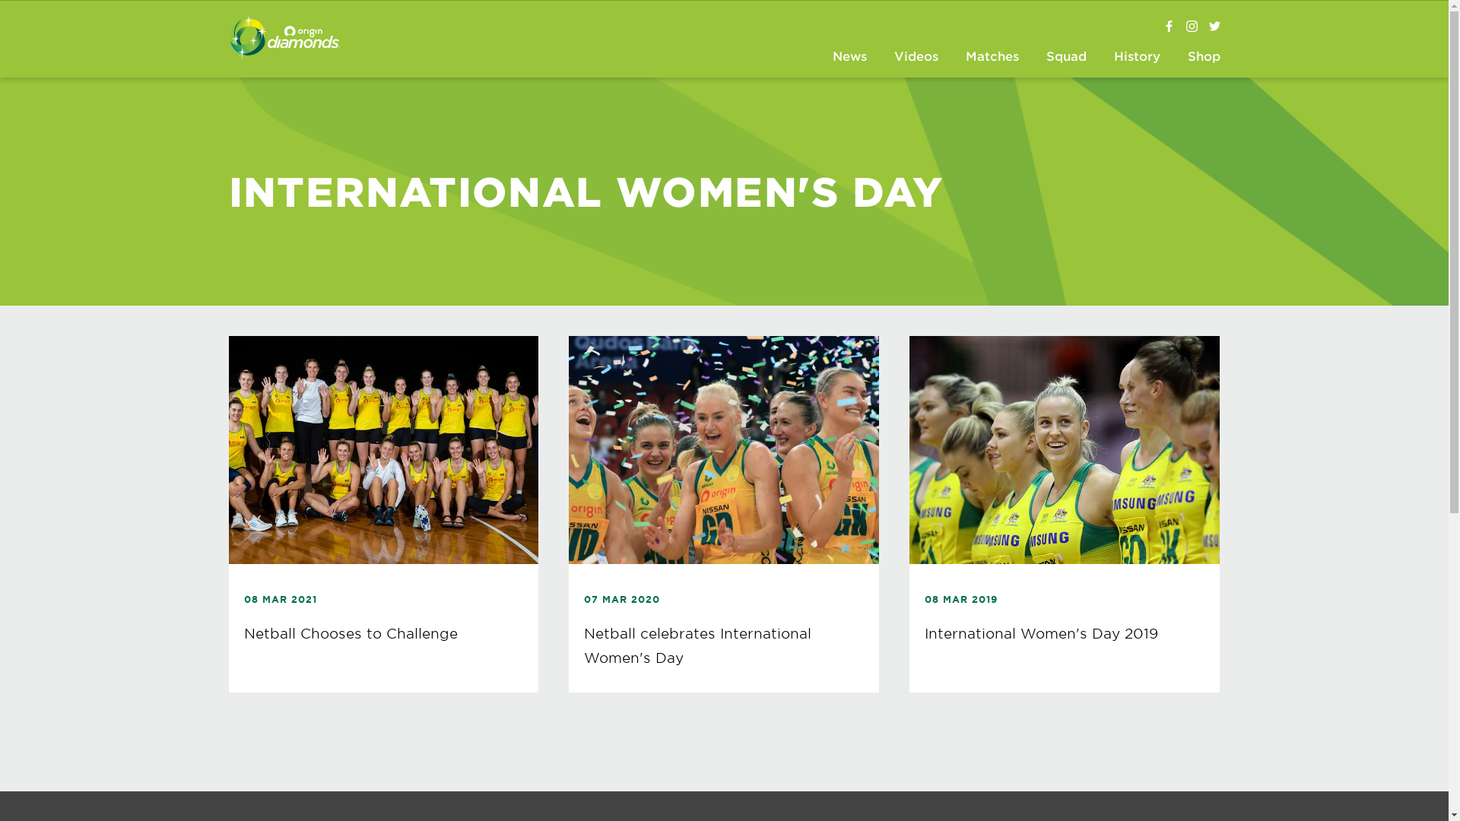  What do you see at coordinates (992, 57) in the screenshot?
I see `'Matches'` at bounding box center [992, 57].